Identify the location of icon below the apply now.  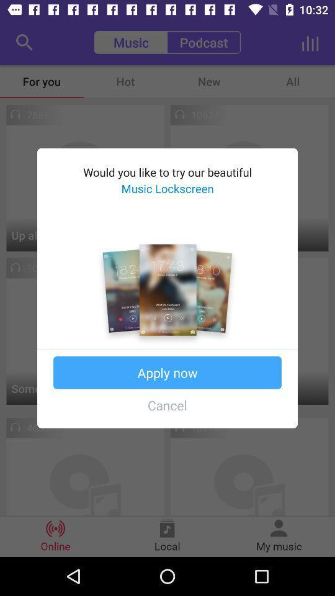
(167, 404).